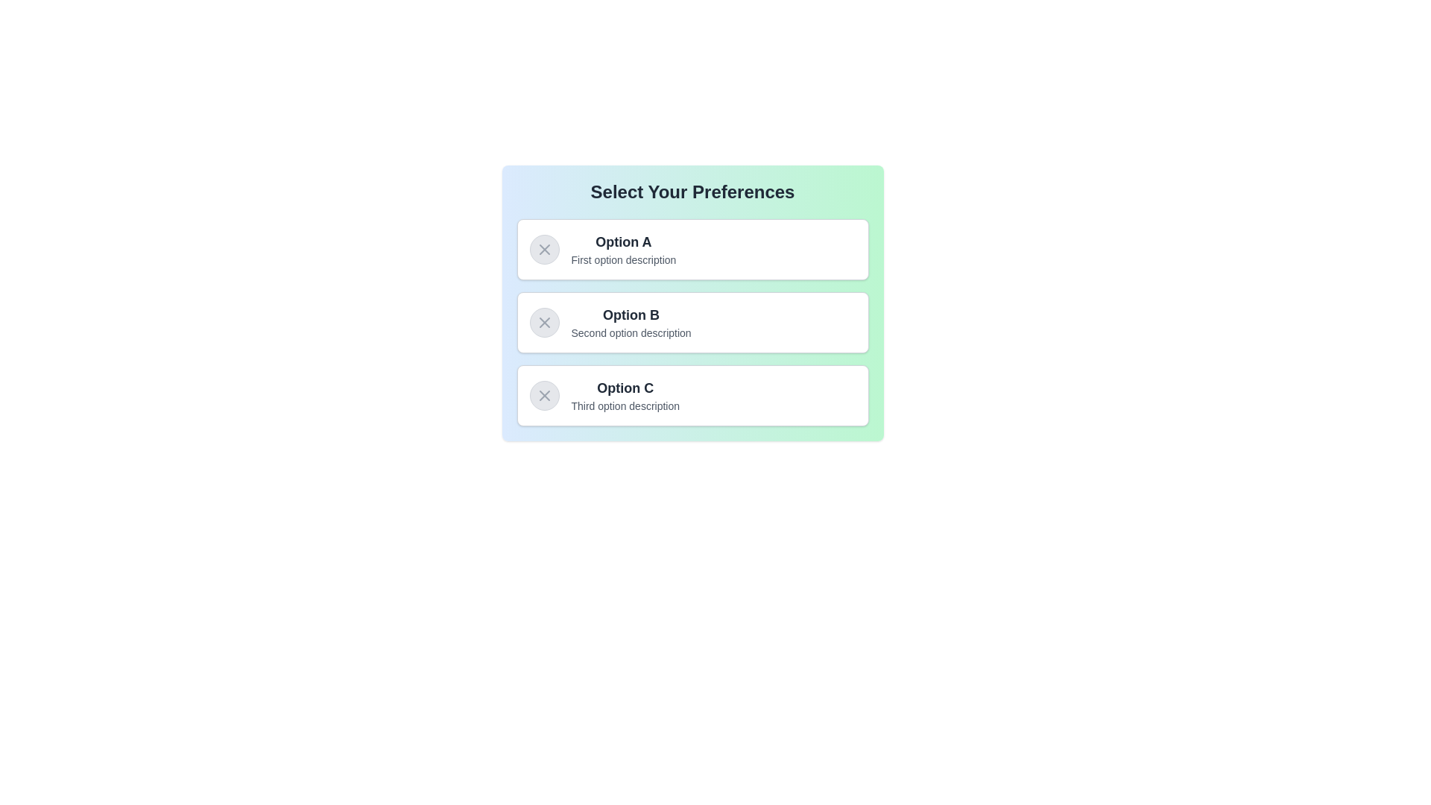  Describe the element at coordinates (625, 387) in the screenshot. I see `the text label that serves as the title for the third selectable option, located to the right of the circular icon and above the description text 'Third option description'` at that location.